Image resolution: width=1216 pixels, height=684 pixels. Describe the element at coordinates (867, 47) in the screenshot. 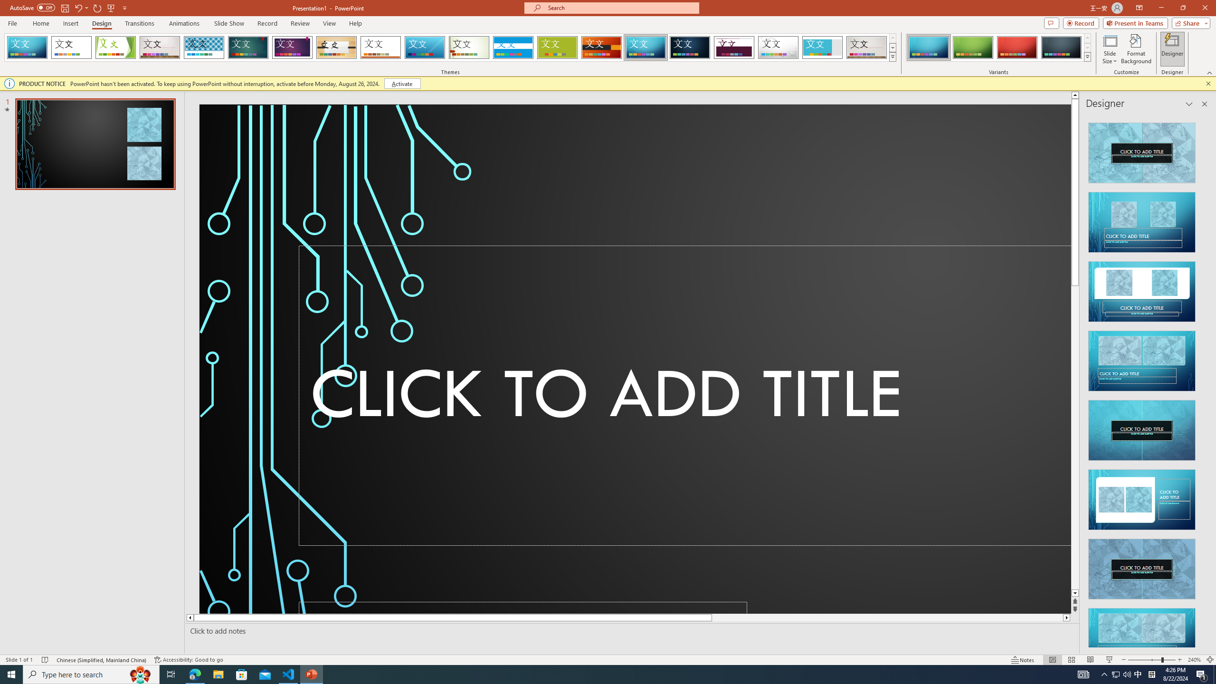

I see `'Gallery'` at that location.